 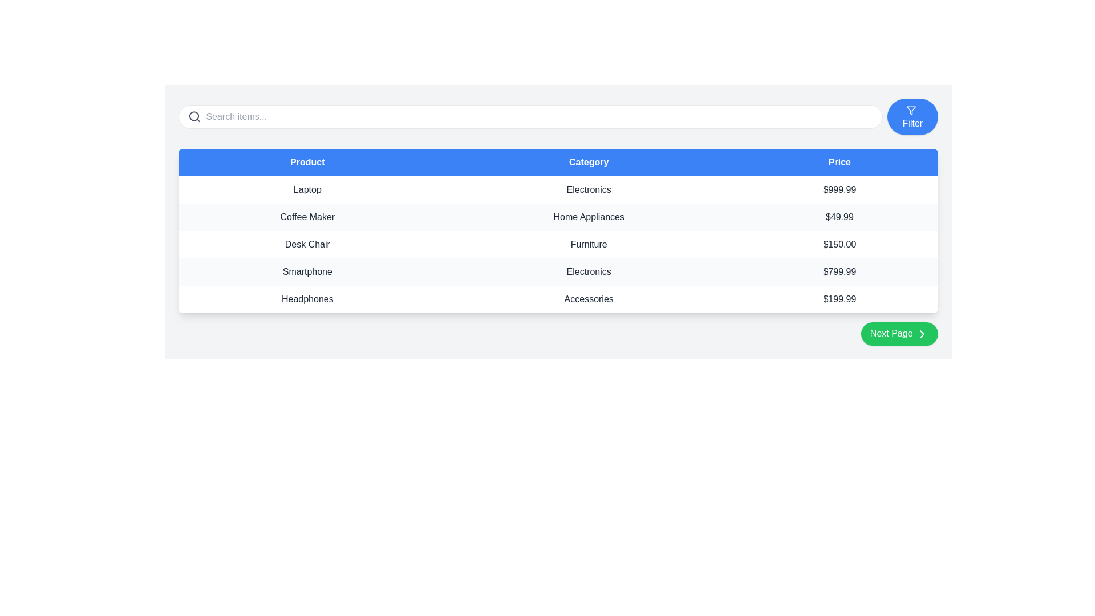 What do you see at coordinates (911, 110) in the screenshot?
I see `the filter icon located inside the 'Filter' button in the upper-right corner of the interface` at bounding box center [911, 110].